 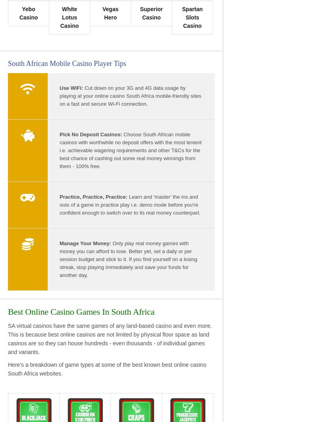 What do you see at coordinates (110, 338) in the screenshot?
I see `'SA virtual casinos have the same games of any land-based casino and even more. This is because best online casinos are not limited by physical floor space as land casinos are so they can house hundreds - even thousands - of individual games and variants.'` at bounding box center [110, 338].